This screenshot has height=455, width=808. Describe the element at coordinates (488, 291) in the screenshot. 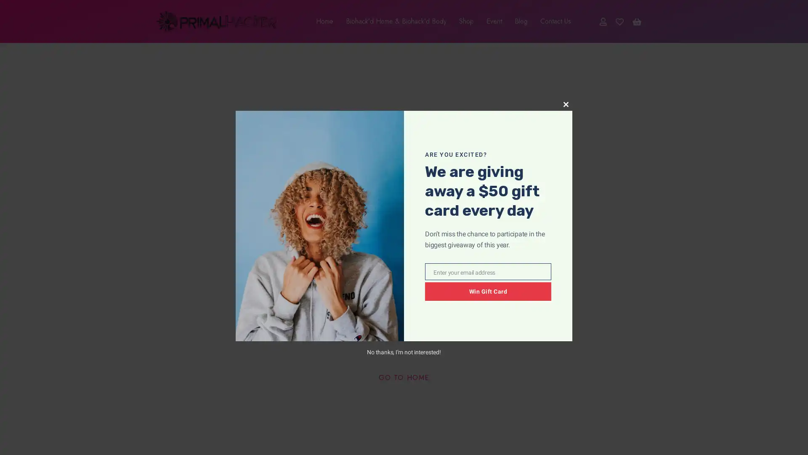

I see `Win Gift Card` at that location.